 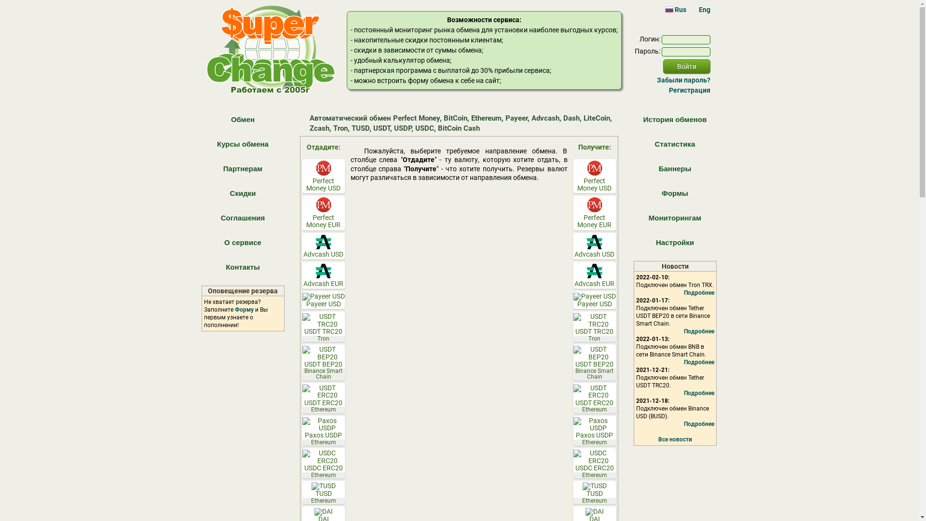 I want to click on 'USDT TRC20, so click(x=301, y=326).